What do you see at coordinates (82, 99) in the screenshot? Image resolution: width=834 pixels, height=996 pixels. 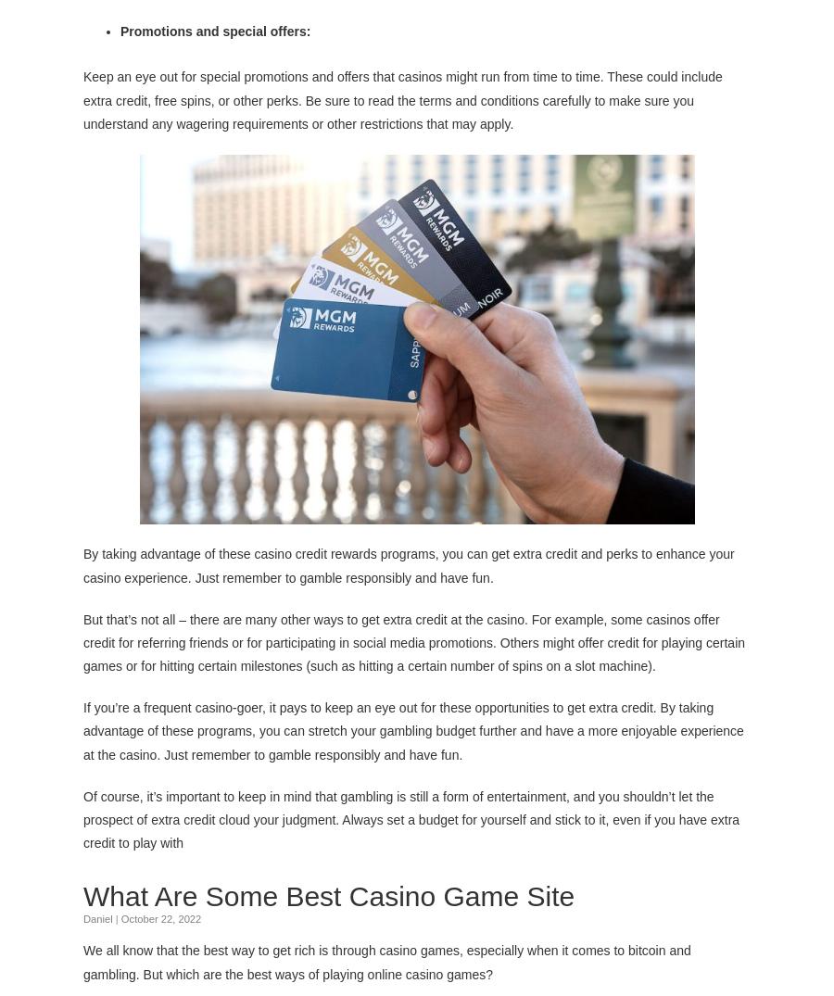 I see `'Keep an eye out for special promotions and offers that casinos might run from time to time. These could include extra credit, free spins, or other perks. Be sure to read the terms and conditions carefully to make sure you understand any wagering requirements or other restrictions that may apply.'` at bounding box center [82, 99].